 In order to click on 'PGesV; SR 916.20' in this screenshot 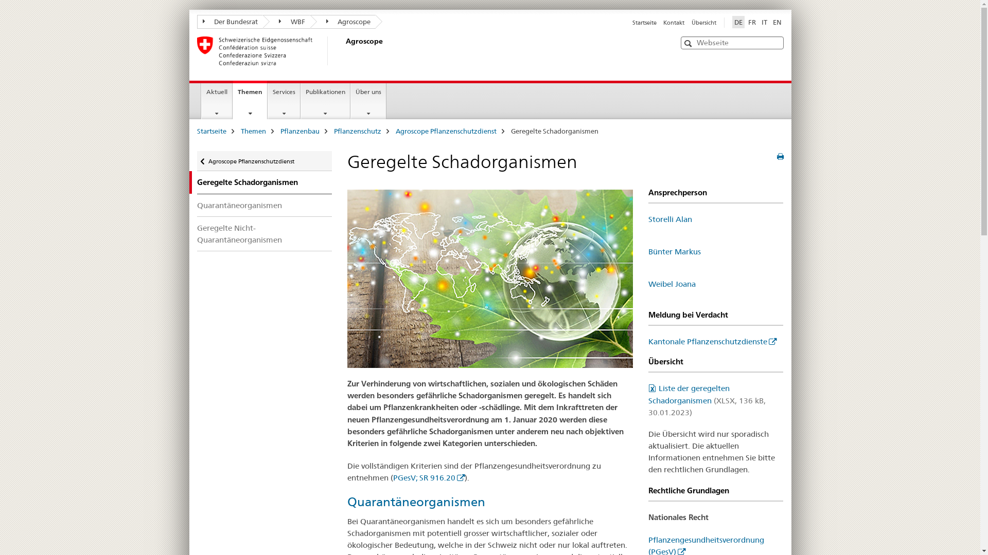, I will do `click(392, 477)`.